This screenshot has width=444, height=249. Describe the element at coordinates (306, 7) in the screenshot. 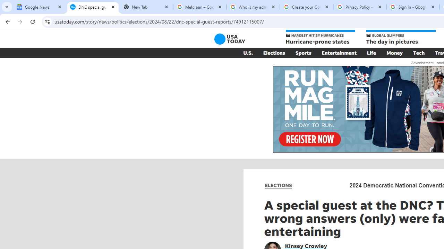

I see `'Create your Google Account'` at that location.